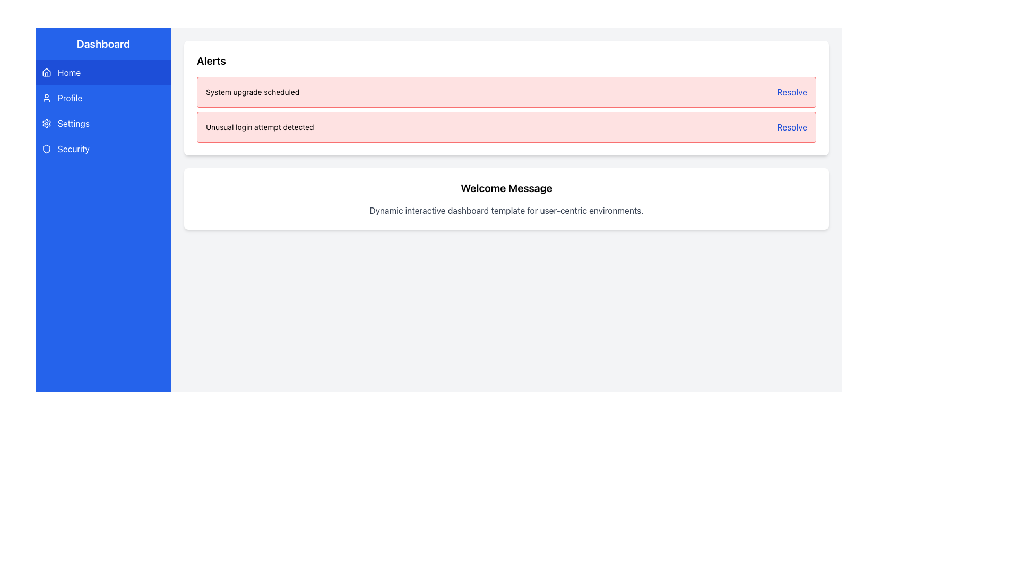 The width and height of the screenshot is (1019, 573). I want to click on the 'Home' text label in the vertical navigation menu on the left side of the interface, so click(68, 72).